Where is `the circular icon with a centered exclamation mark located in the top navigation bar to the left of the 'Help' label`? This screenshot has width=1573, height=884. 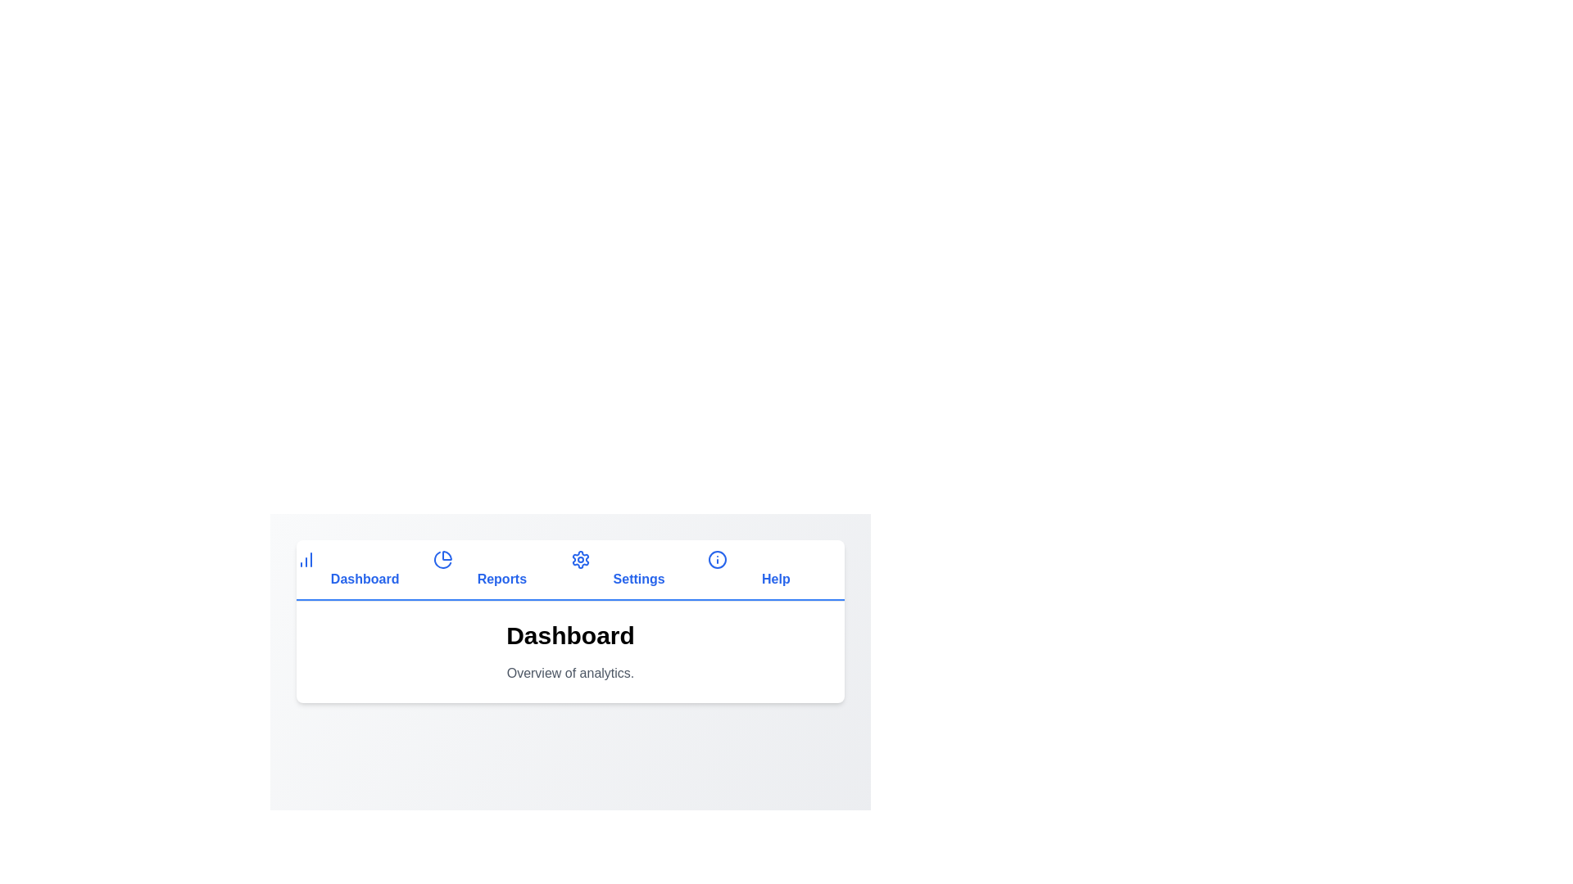
the circular icon with a centered exclamation mark located in the top navigation bar to the left of the 'Help' label is located at coordinates (717, 558).